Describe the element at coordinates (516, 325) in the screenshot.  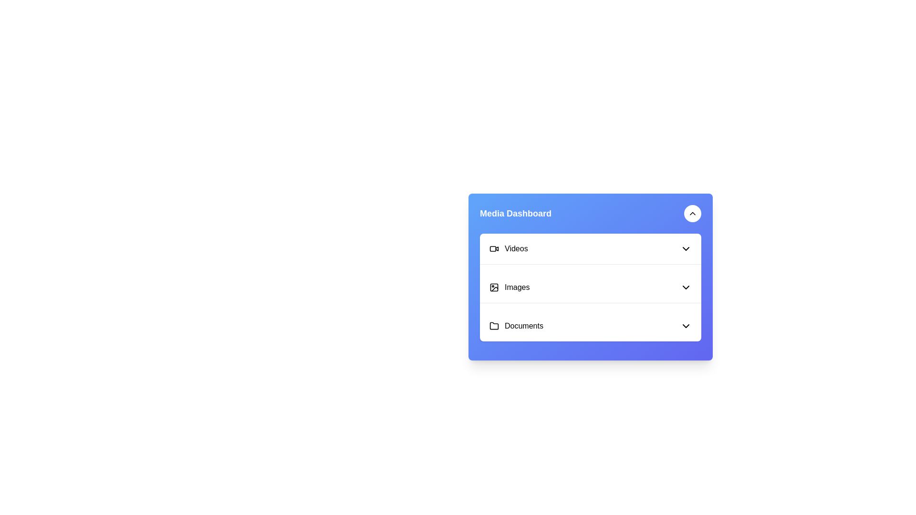
I see `the 'Documents' text label, which is styled in black font and positioned next to a folder icon` at that location.